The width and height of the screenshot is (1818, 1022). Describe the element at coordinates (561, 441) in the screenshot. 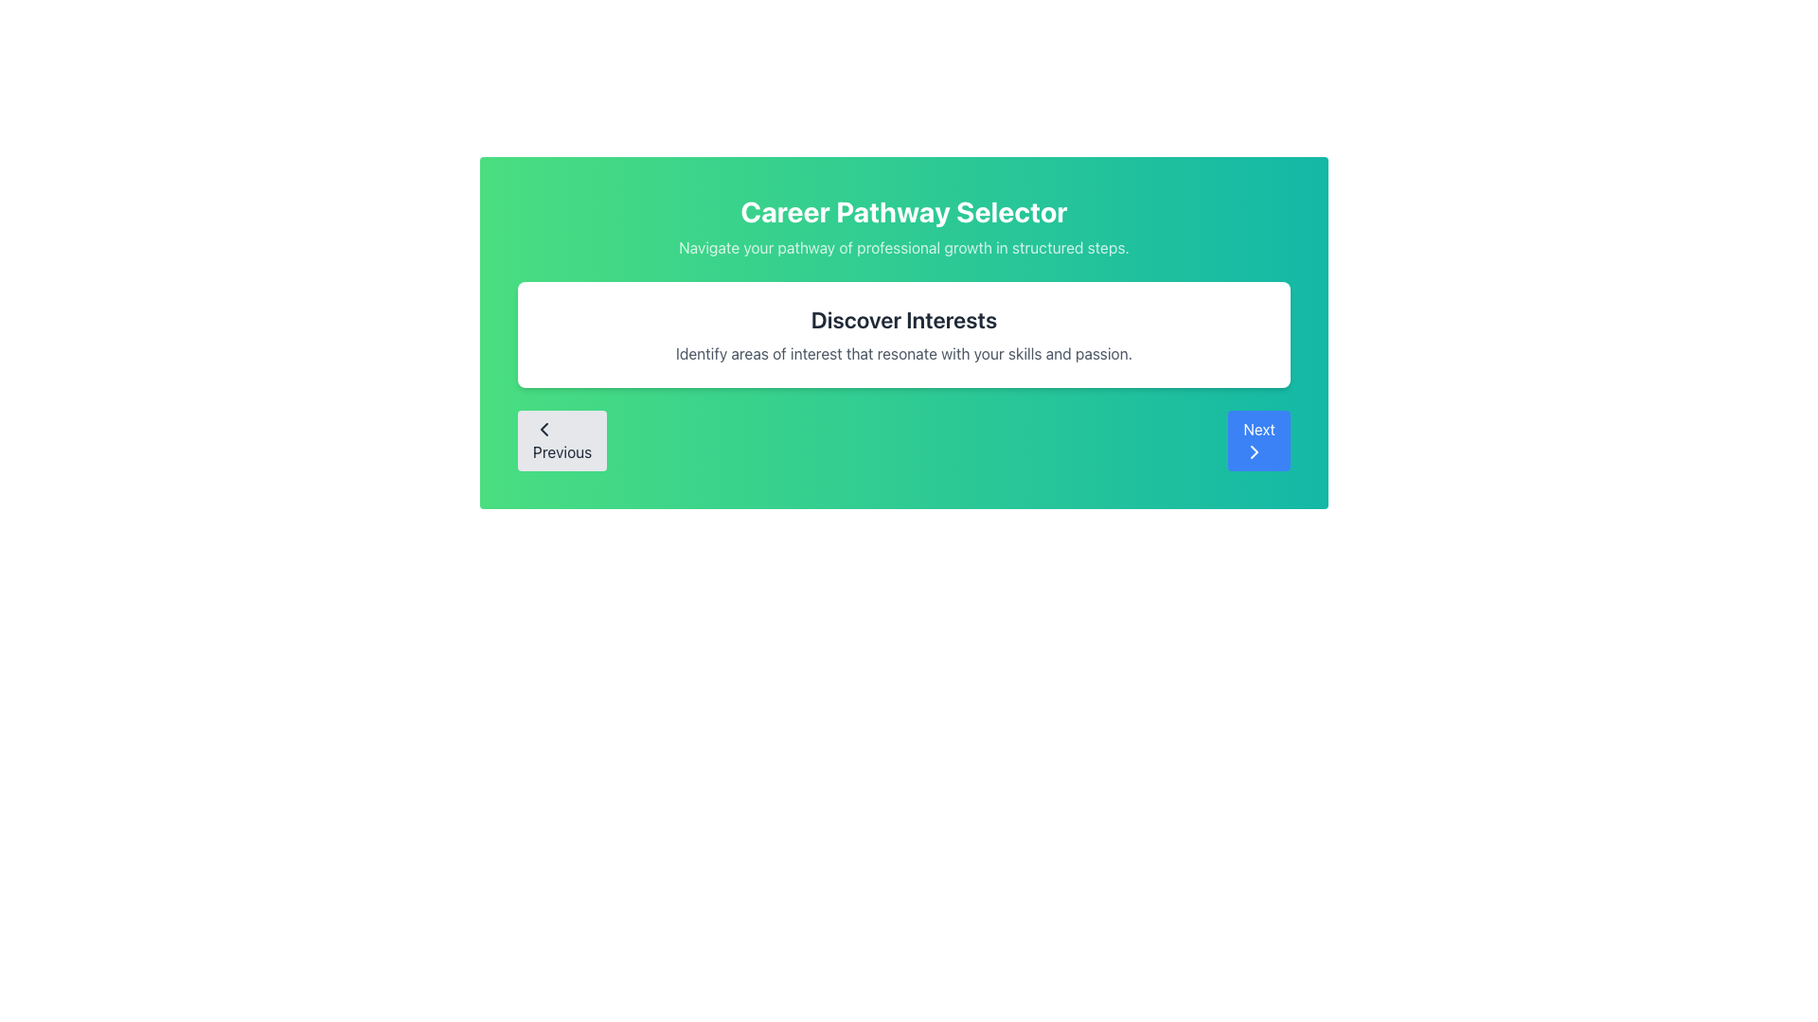

I see `the 'Previous' button, which is a rectangular button with a light gray background and rounded corners, containing a left-facing chevron icon and the text 'Previous'` at that location.